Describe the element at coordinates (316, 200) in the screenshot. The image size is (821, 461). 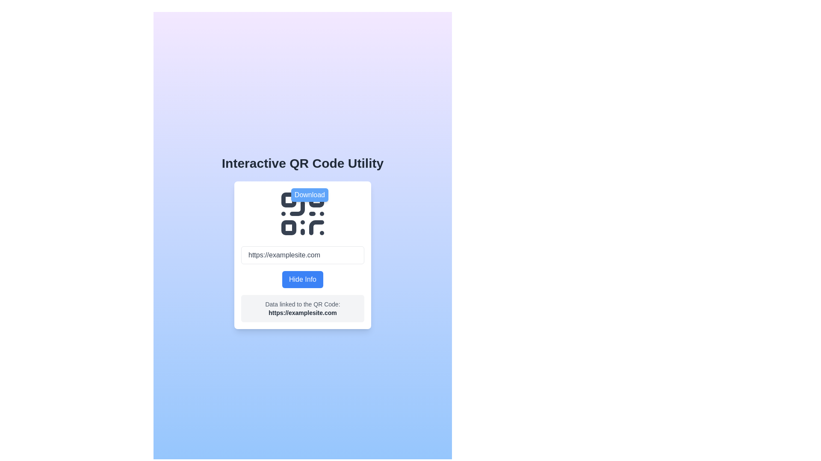
I see `the second square with rounded corners within the QR code graphic, located in the top-right of the pattern` at that location.